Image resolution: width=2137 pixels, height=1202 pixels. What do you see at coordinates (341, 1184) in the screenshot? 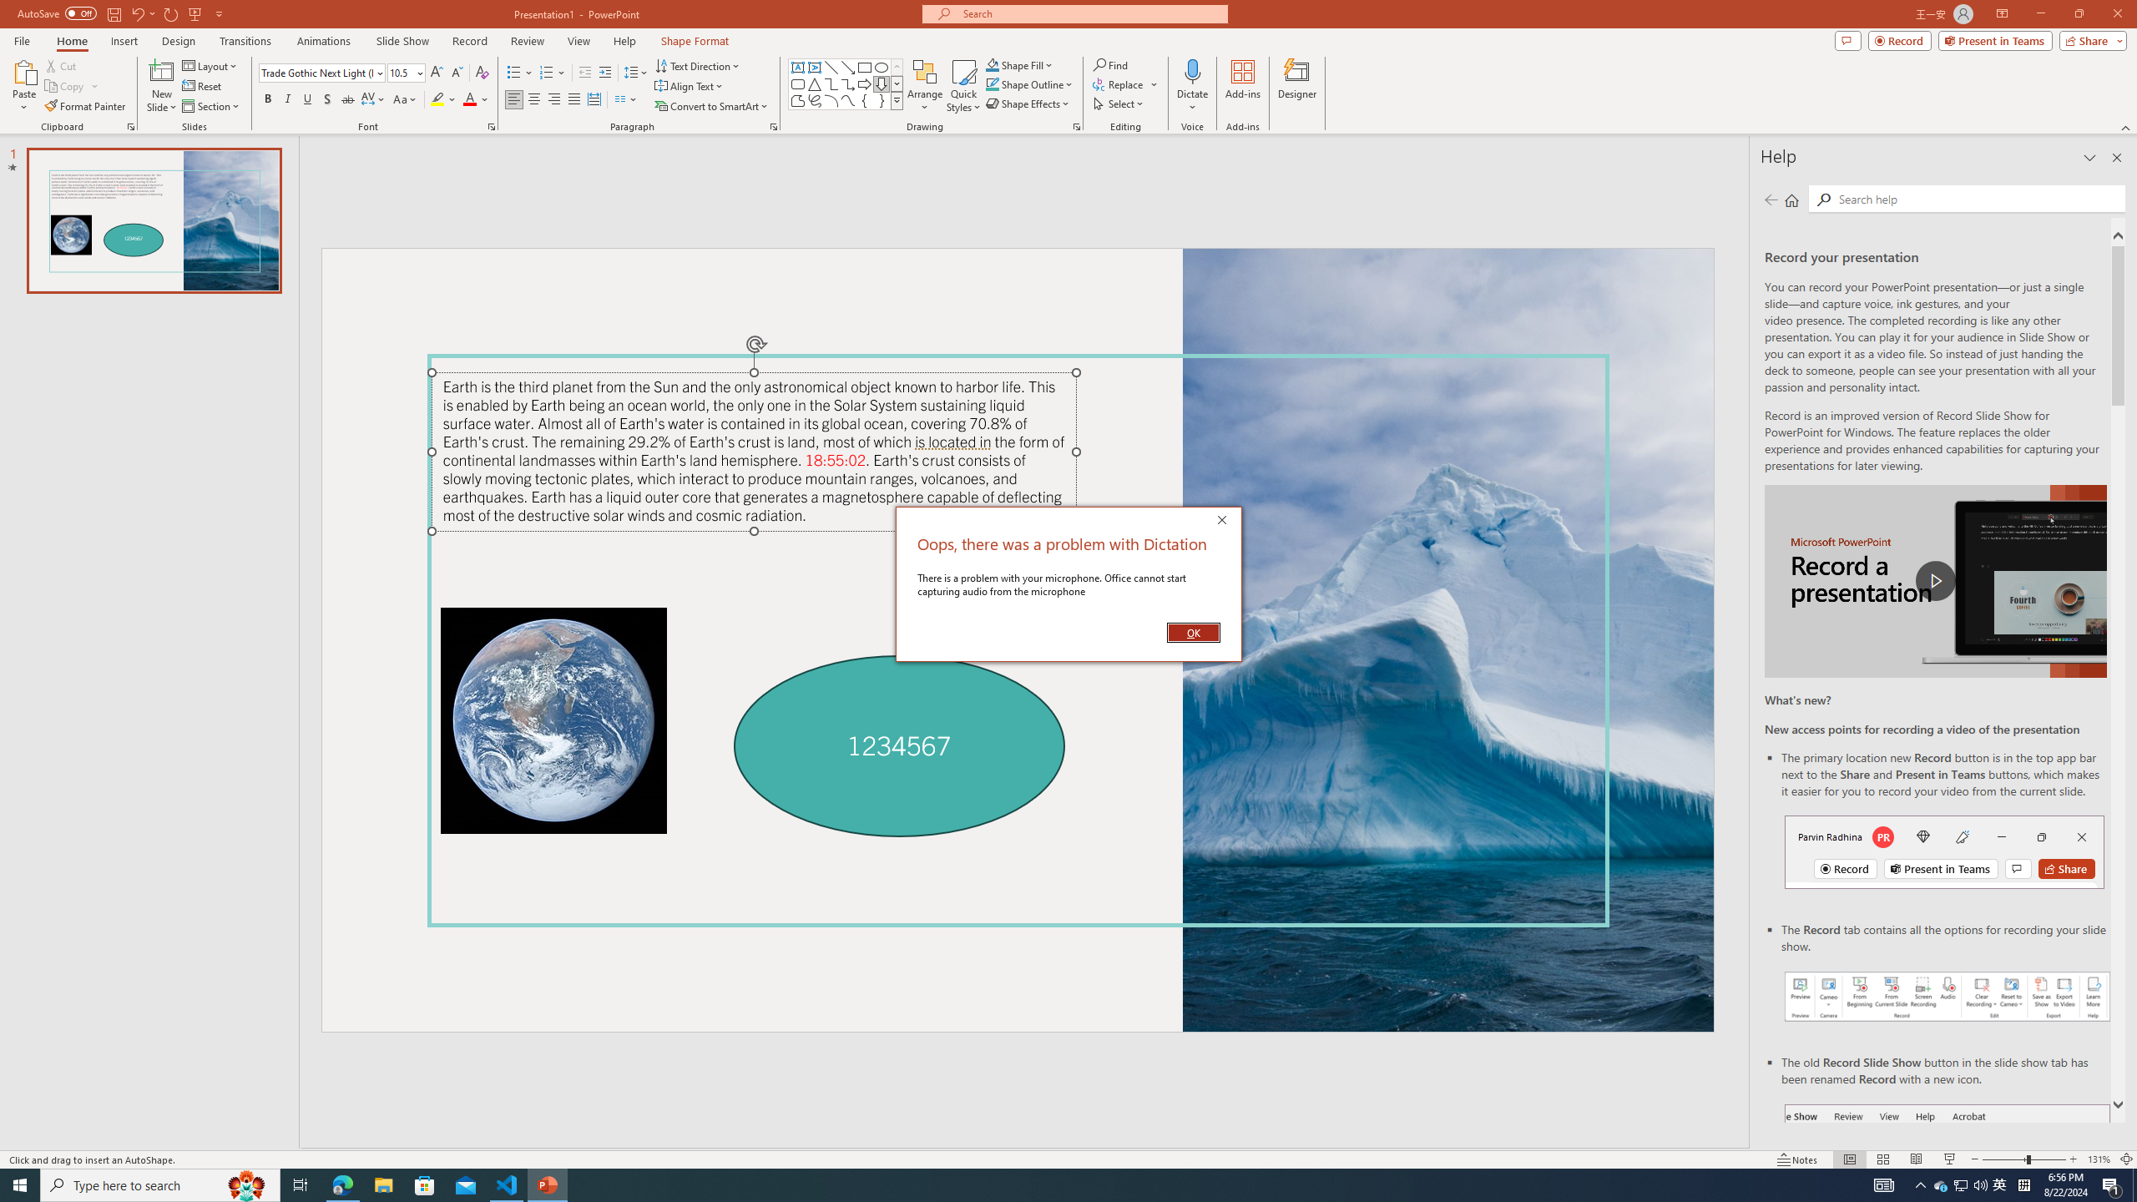
I see `'Microsoft Edge - 1 running window'` at bounding box center [341, 1184].